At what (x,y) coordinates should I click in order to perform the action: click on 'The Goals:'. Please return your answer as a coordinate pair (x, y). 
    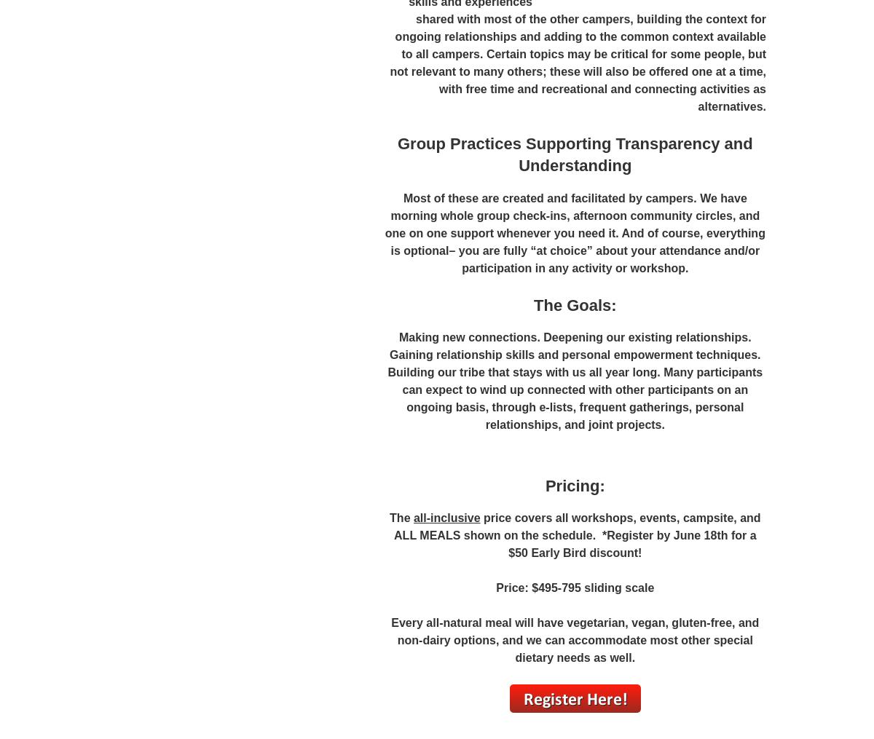
    Looking at the image, I should click on (574, 304).